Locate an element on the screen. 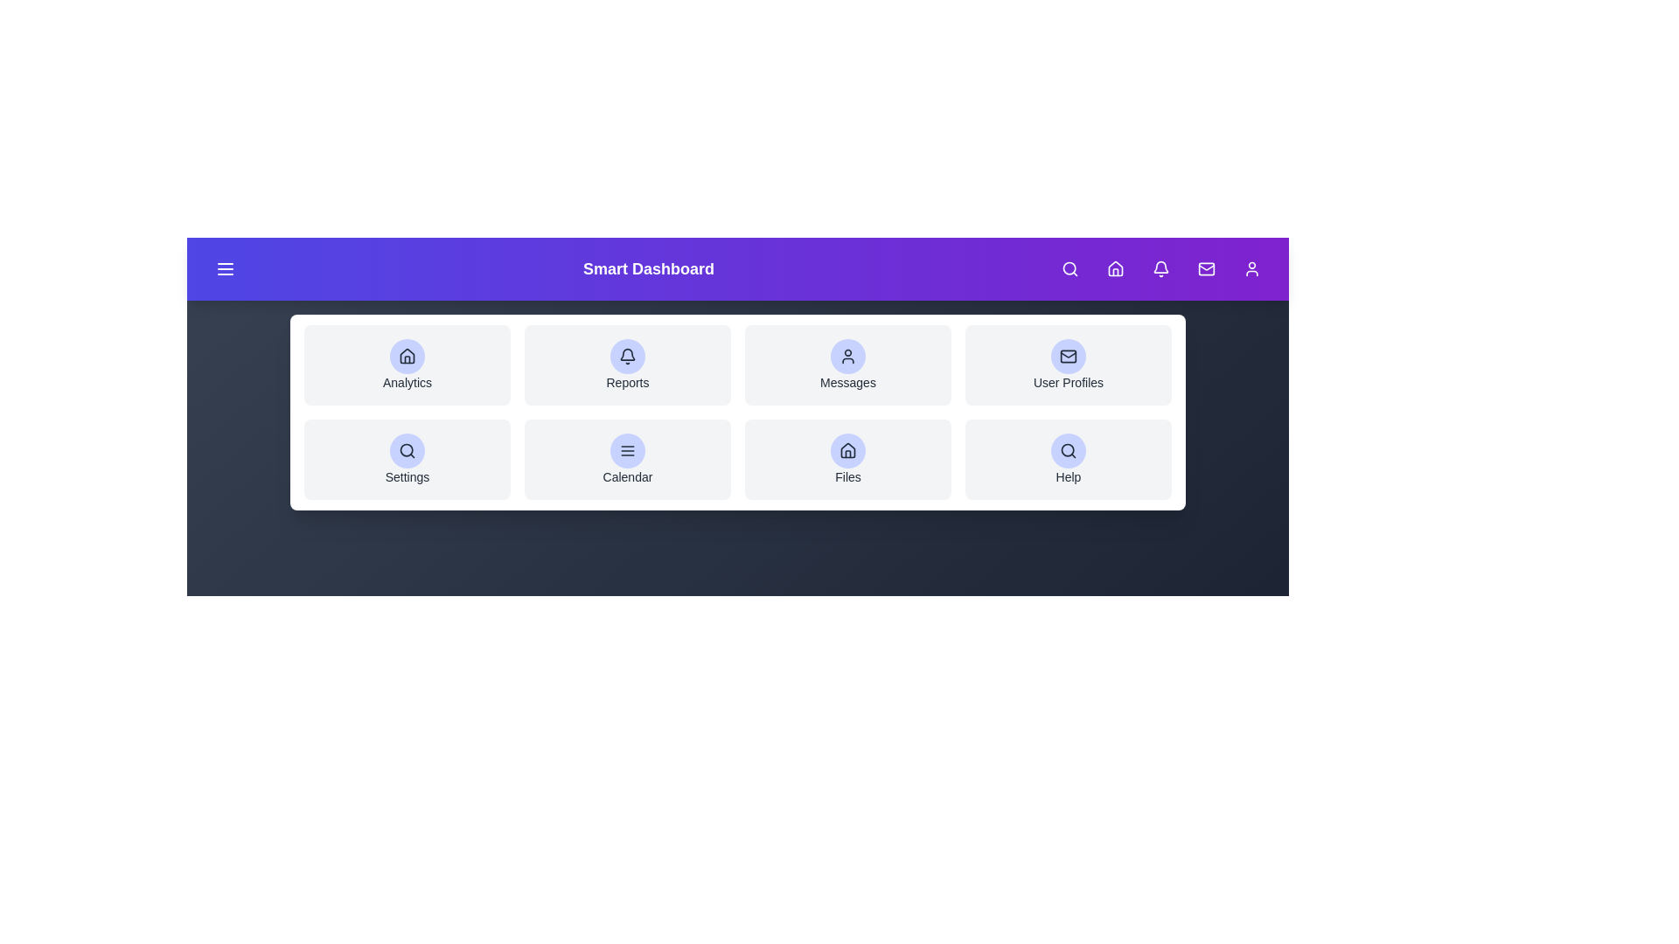 This screenshot has width=1679, height=944. the grid item labeled Calendar is located at coordinates (628, 458).